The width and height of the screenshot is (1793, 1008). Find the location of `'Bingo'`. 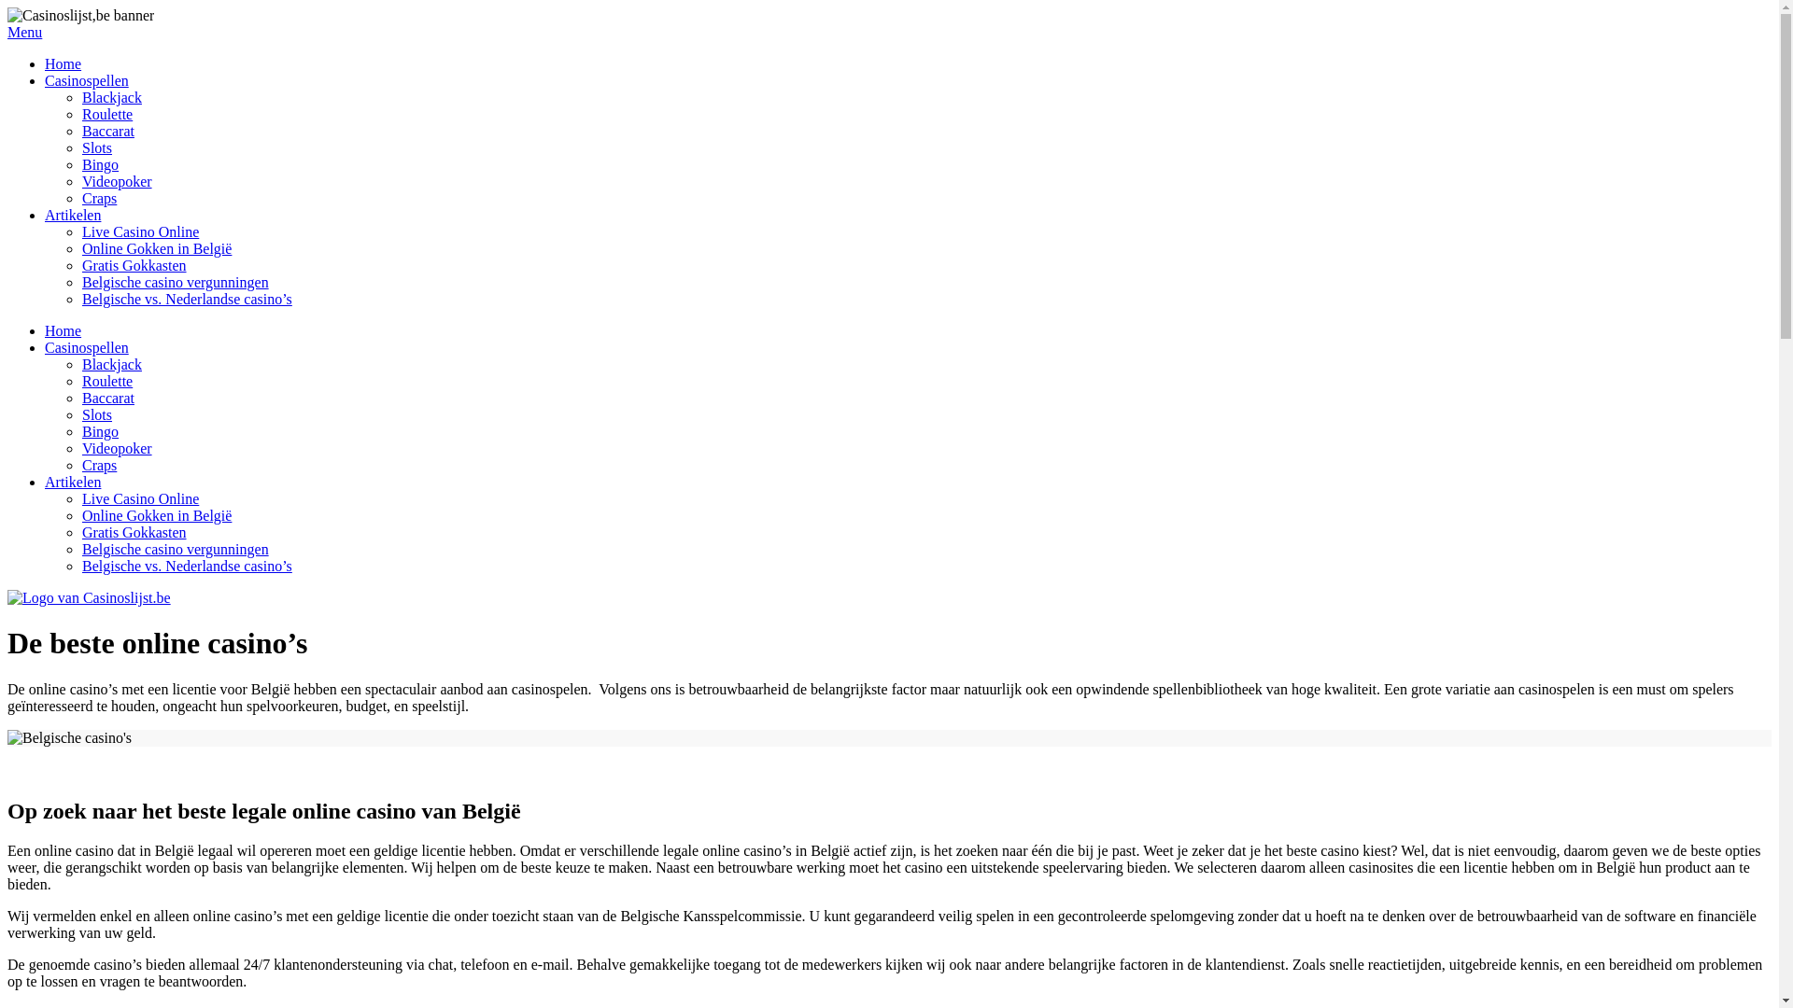

'Bingo' is located at coordinates (99, 163).